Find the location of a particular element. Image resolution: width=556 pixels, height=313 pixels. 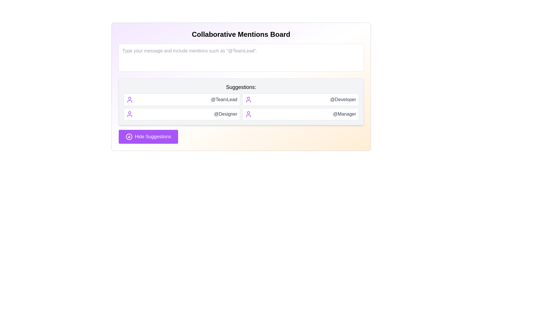

the first button in the 'Suggestions:' section is located at coordinates (181, 99).